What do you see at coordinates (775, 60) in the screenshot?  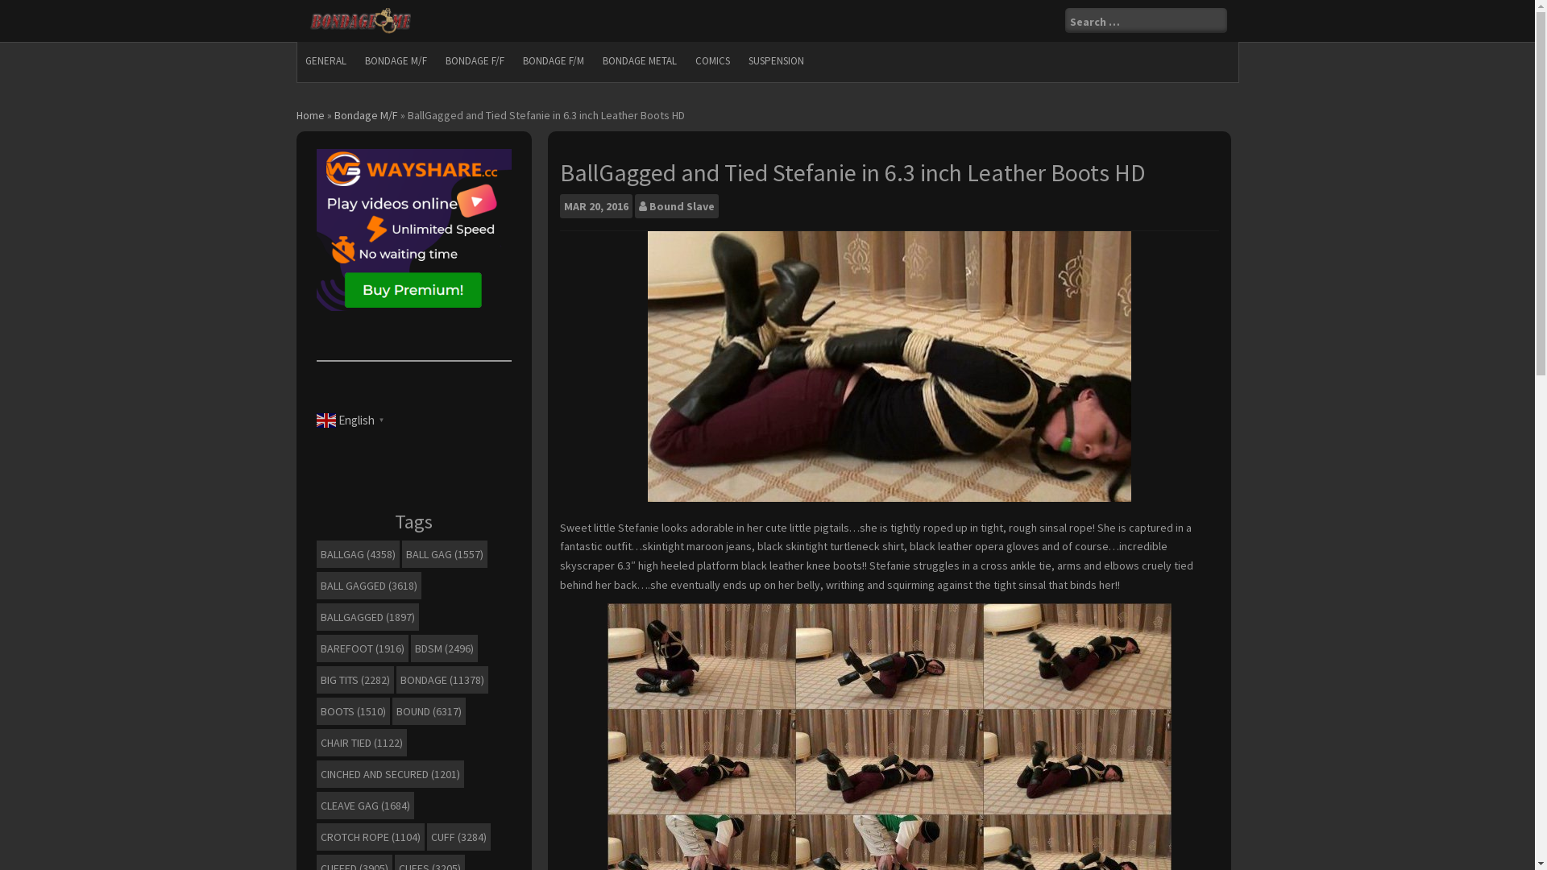 I see `'SUSPENSION'` at bounding box center [775, 60].